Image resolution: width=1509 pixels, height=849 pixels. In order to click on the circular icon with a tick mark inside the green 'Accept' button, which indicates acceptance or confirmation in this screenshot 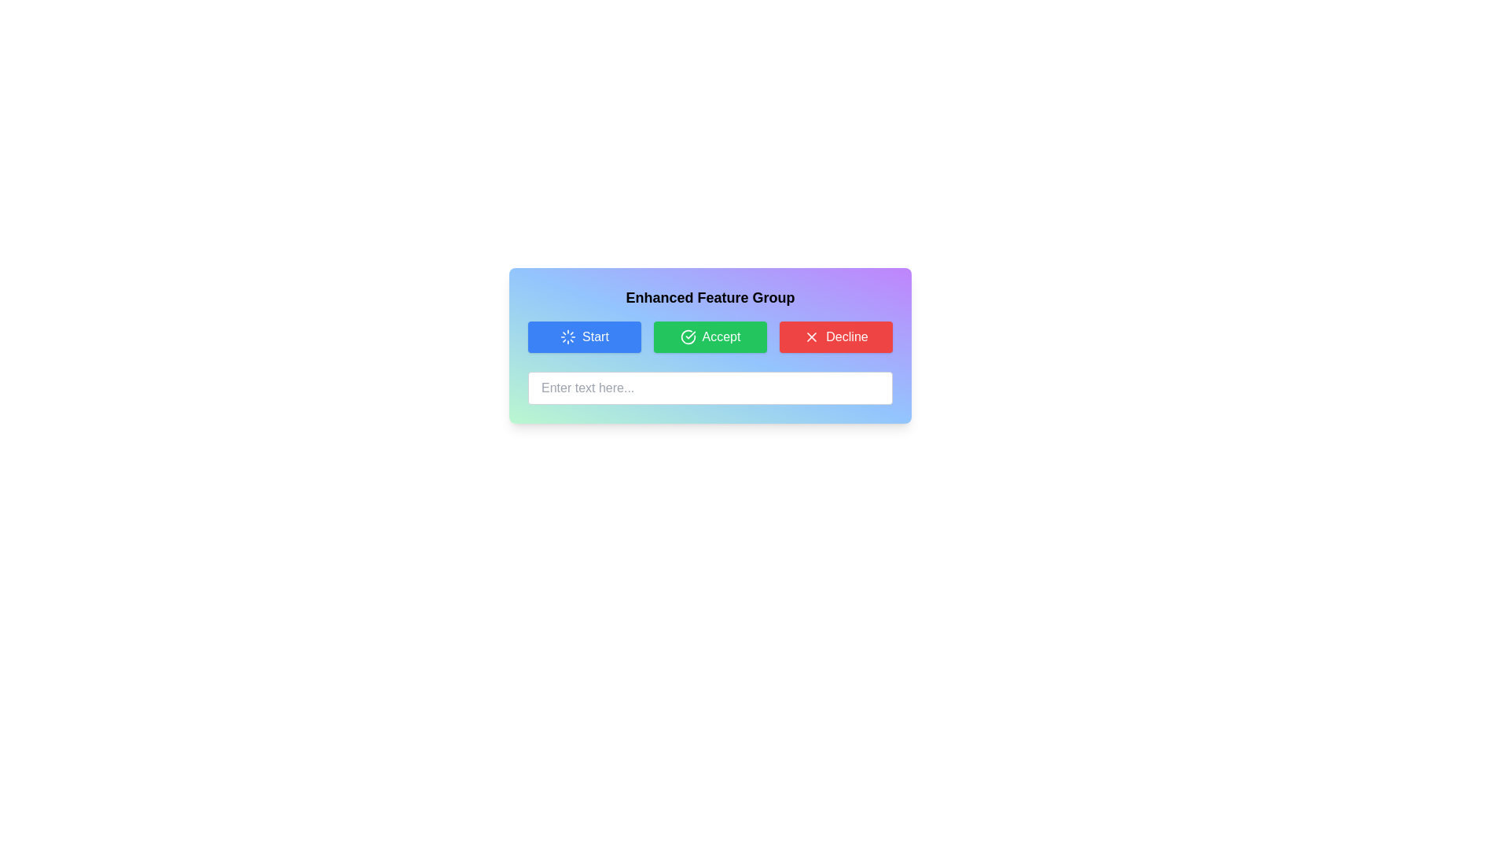, I will do `click(688, 336)`.